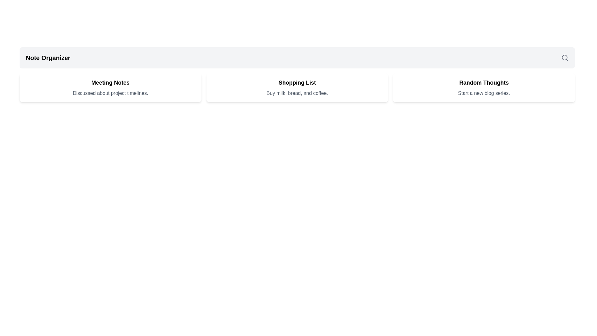 The width and height of the screenshot is (597, 336). What do you see at coordinates (484, 93) in the screenshot?
I see `the descriptive text element that contains the content 'Start a new blog series.' which is styled in gray and positioned below the heading 'Random Thoughts' within the third card of a horizontal series` at bounding box center [484, 93].